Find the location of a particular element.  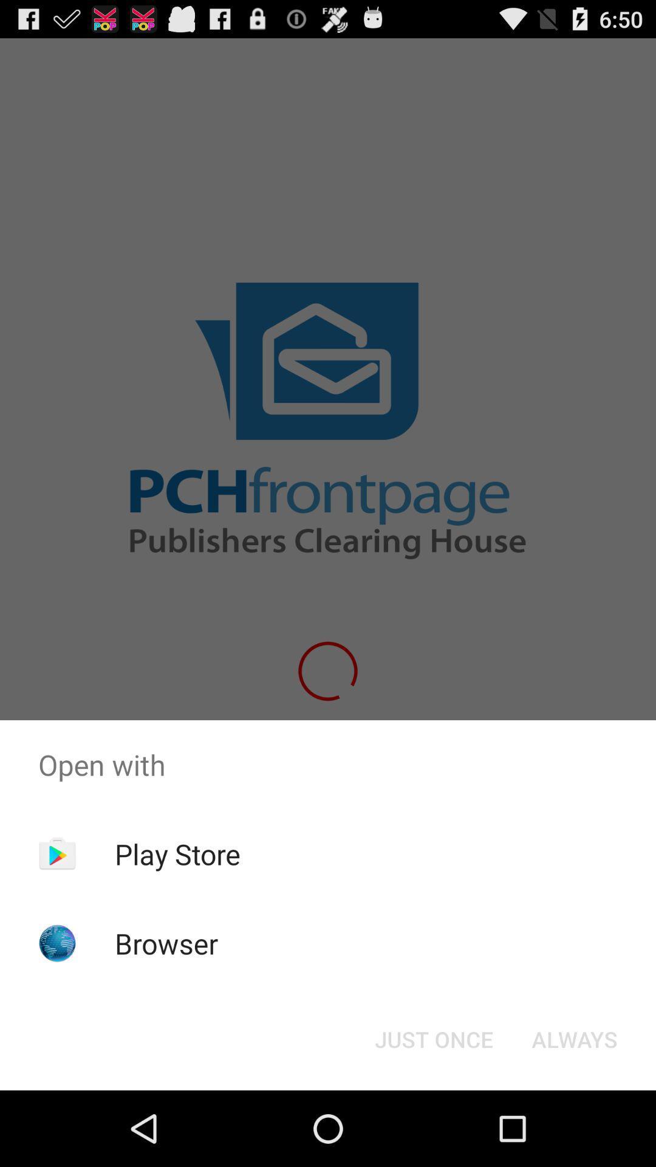

the app above the browser item is located at coordinates (177, 853).